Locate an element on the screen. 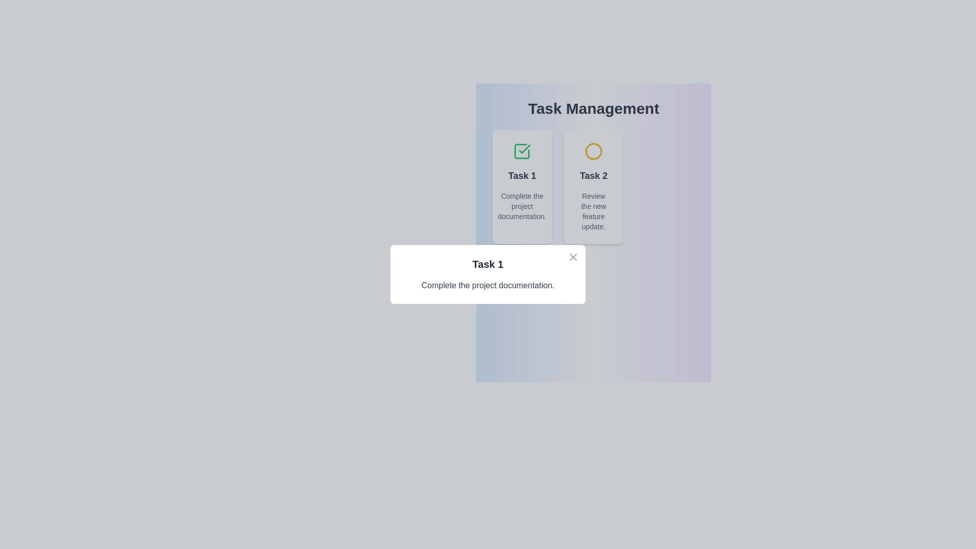 The height and width of the screenshot is (549, 976). the Close button icon, which is a minimalistic 'X' shape located in the top-right corner of a modal window is located at coordinates (573, 256).